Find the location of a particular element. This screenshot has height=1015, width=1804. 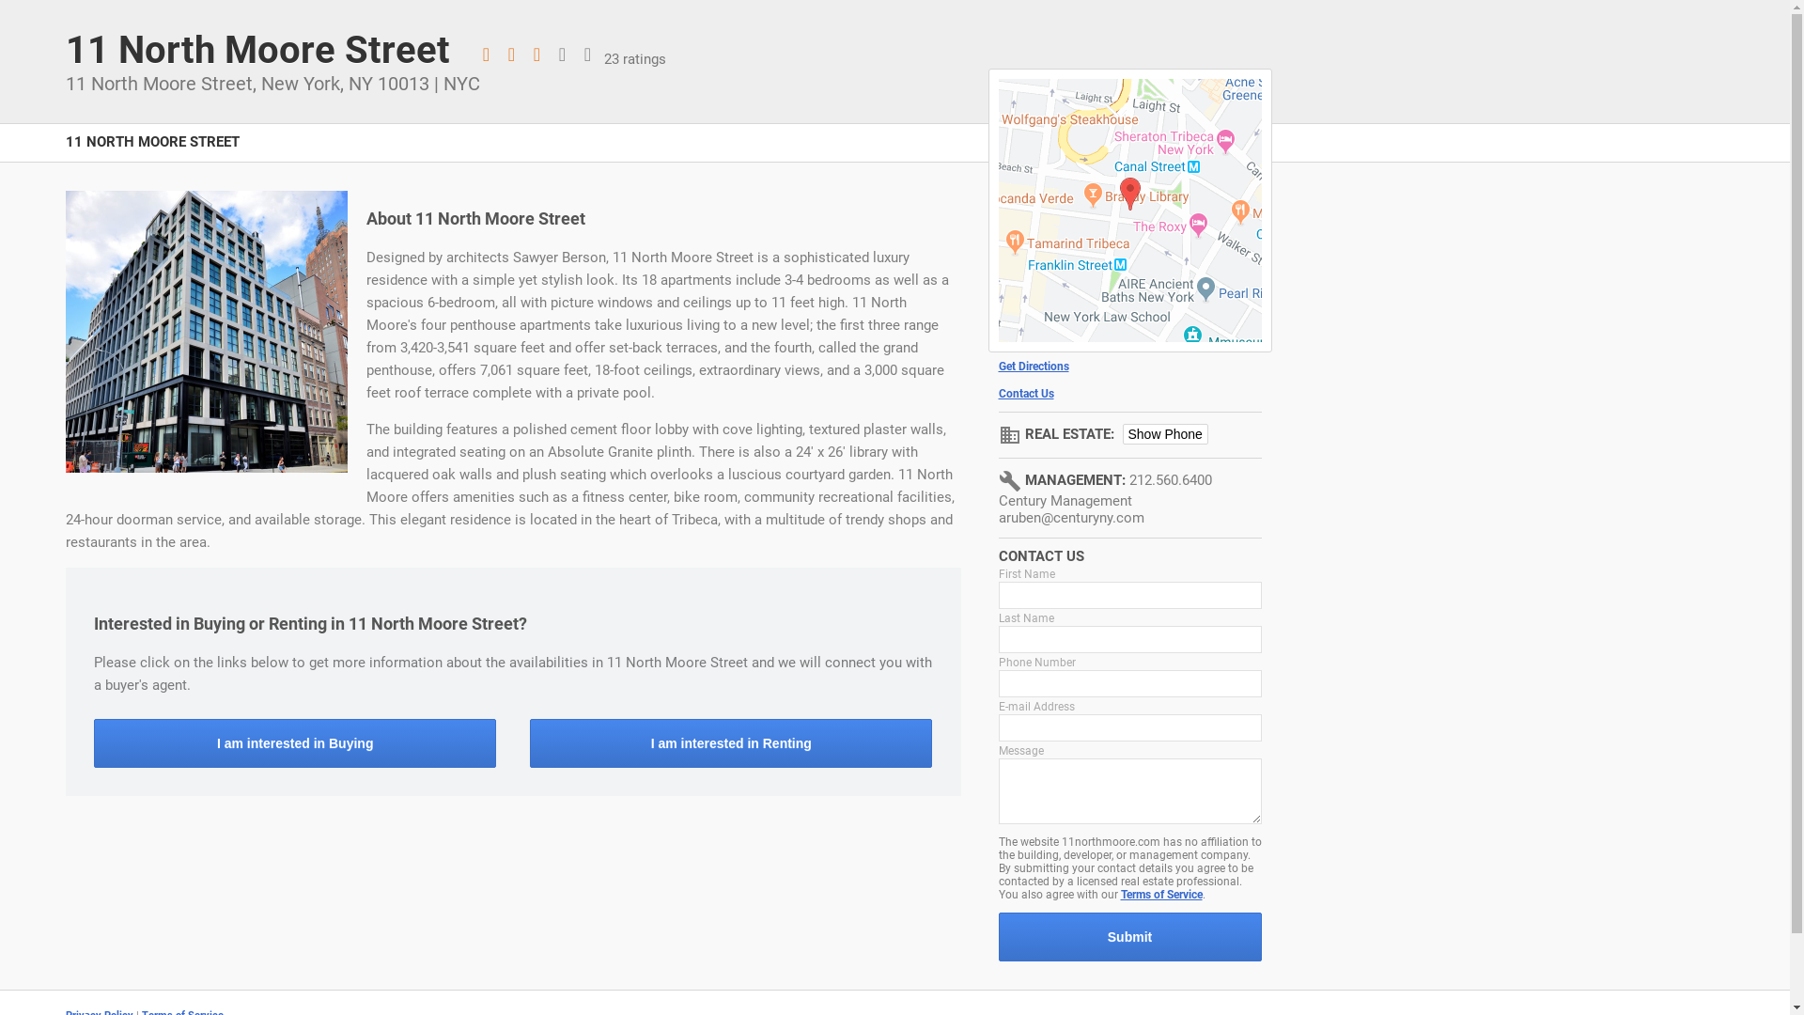

'I am interested in Renting' is located at coordinates (729, 742).